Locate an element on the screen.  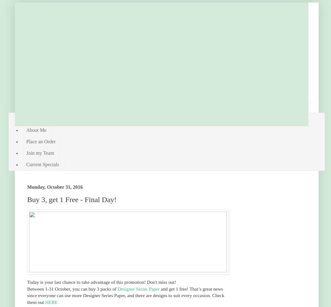
'HERE' is located at coordinates (51, 302).